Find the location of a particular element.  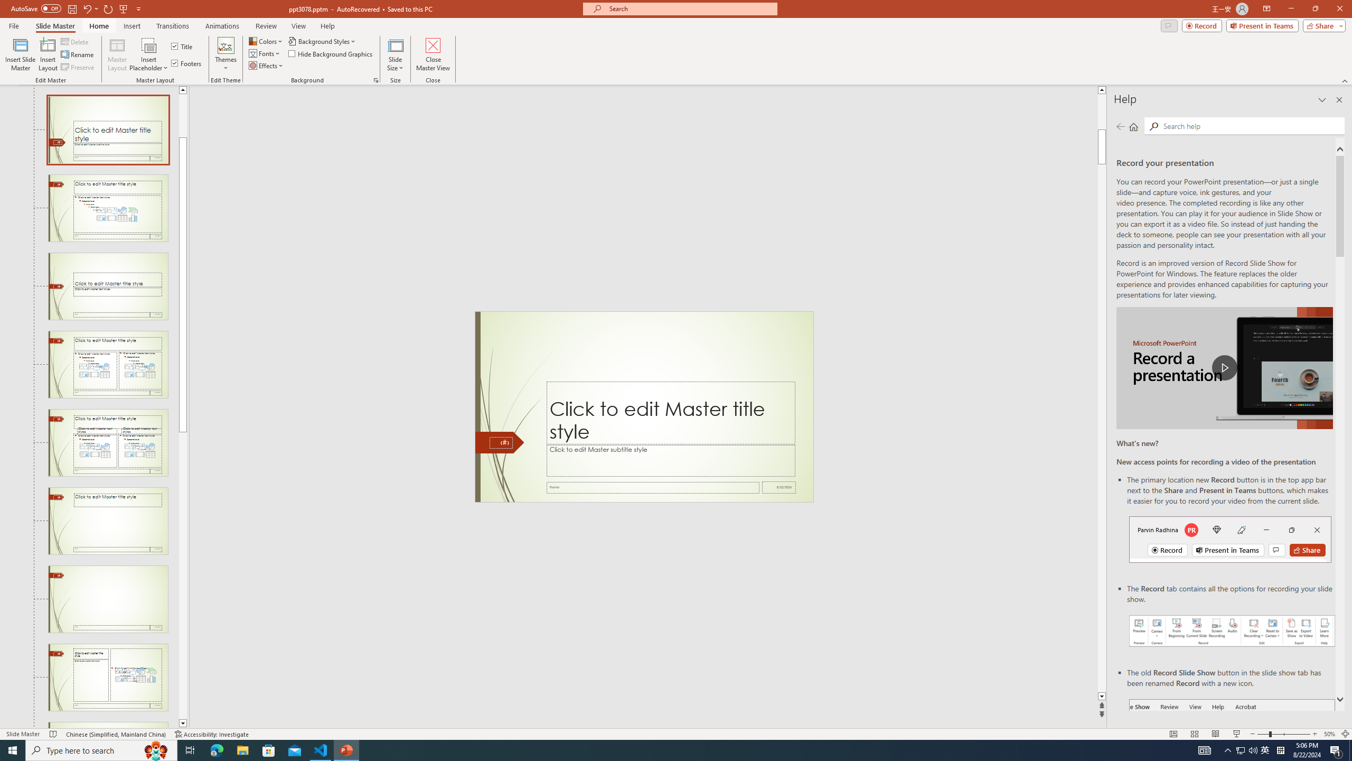

'Slide Title and Content Layout: used by no slides' is located at coordinates (107, 207).